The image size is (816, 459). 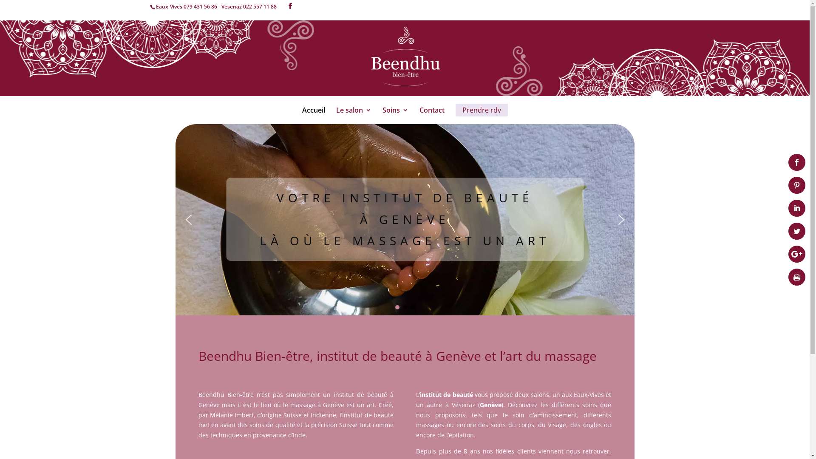 What do you see at coordinates (395, 116) in the screenshot?
I see `'Soins'` at bounding box center [395, 116].